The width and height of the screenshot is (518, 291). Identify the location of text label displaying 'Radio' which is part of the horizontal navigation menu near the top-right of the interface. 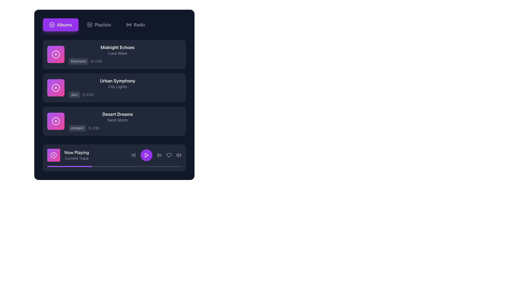
(139, 25).